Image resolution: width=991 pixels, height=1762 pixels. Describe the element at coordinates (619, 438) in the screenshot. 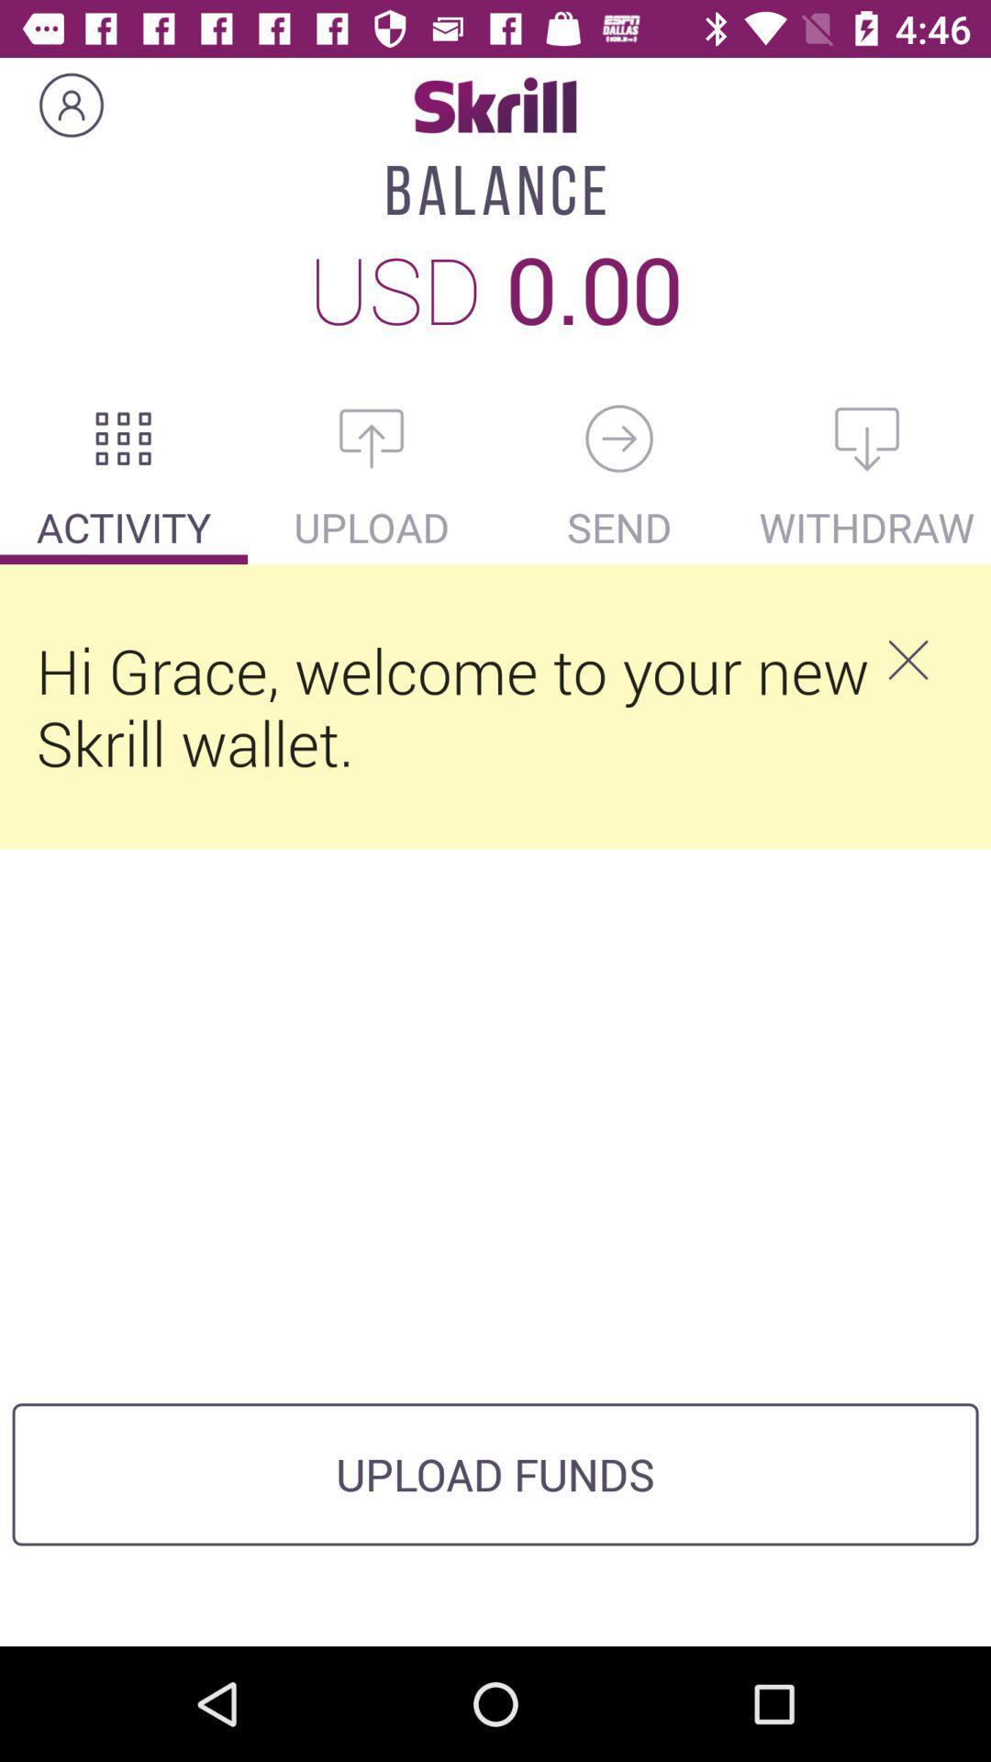

I see `top of send` at that location.